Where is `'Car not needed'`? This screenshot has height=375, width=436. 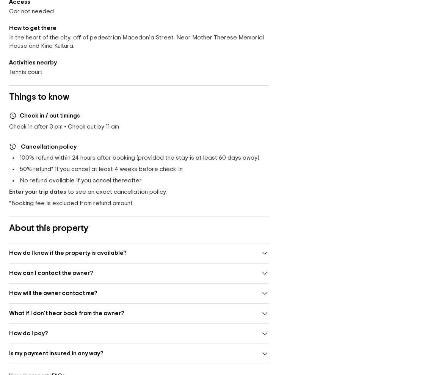 'Car not needed' is located at coordinates (9, 11).